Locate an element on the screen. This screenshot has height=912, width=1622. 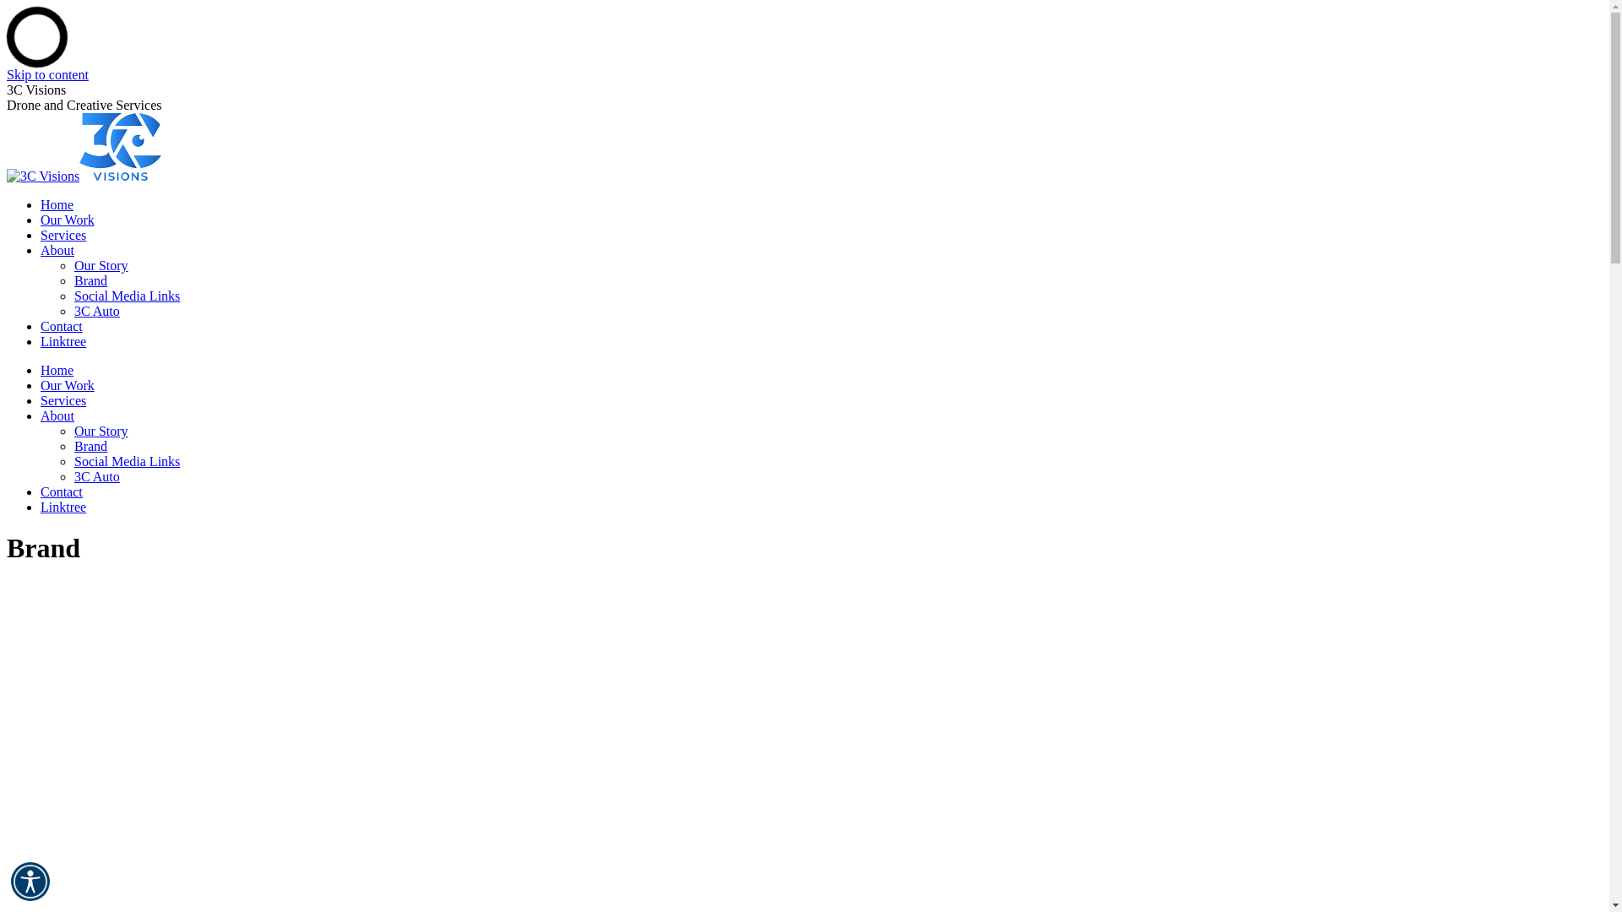
'Our Work' is located at coordinates (41, 219).